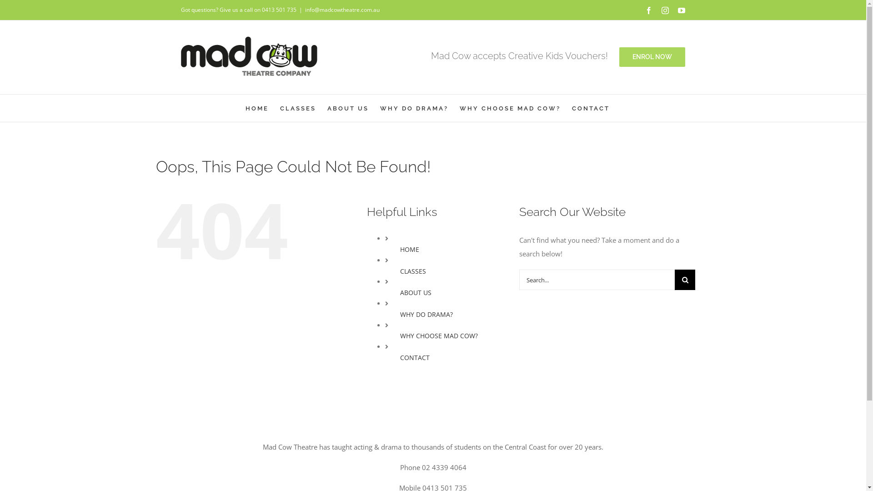  I want to click on 'YouTube', so click(681, 10).